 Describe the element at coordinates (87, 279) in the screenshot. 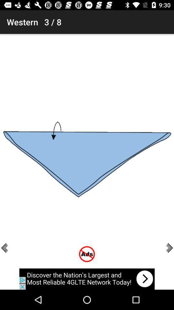

I see `discover the nation 's largest and most reliable 4glet network today` at that location.